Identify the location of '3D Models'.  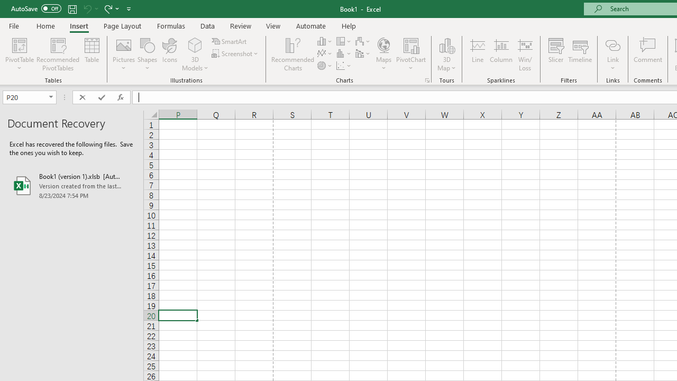
(195, 55).